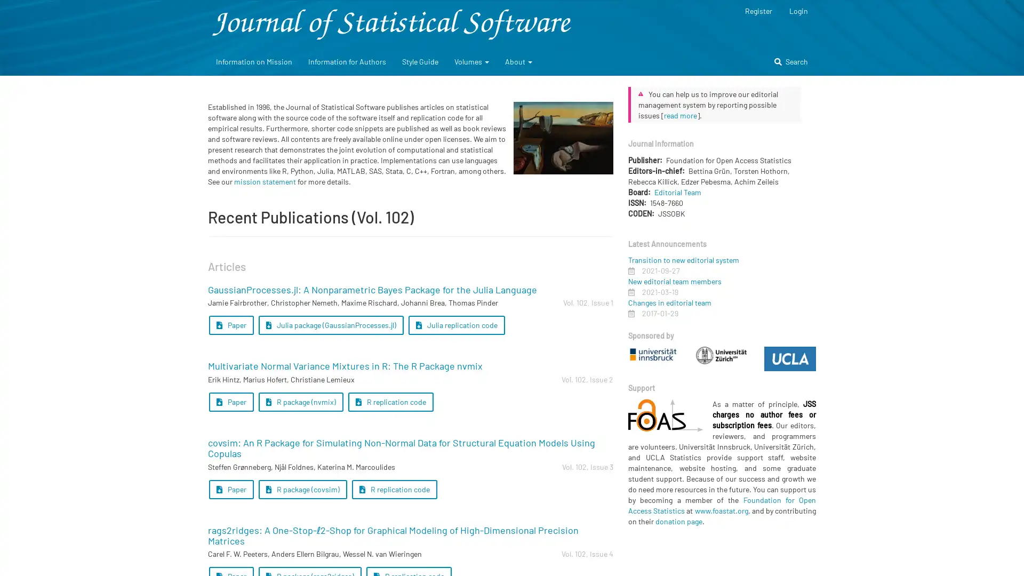 The image size is (1024, 576). Describe the element at coordinates (330, 324) in the screenshot. I see `Julia package (GaussianProcesses.jl)` at that location.